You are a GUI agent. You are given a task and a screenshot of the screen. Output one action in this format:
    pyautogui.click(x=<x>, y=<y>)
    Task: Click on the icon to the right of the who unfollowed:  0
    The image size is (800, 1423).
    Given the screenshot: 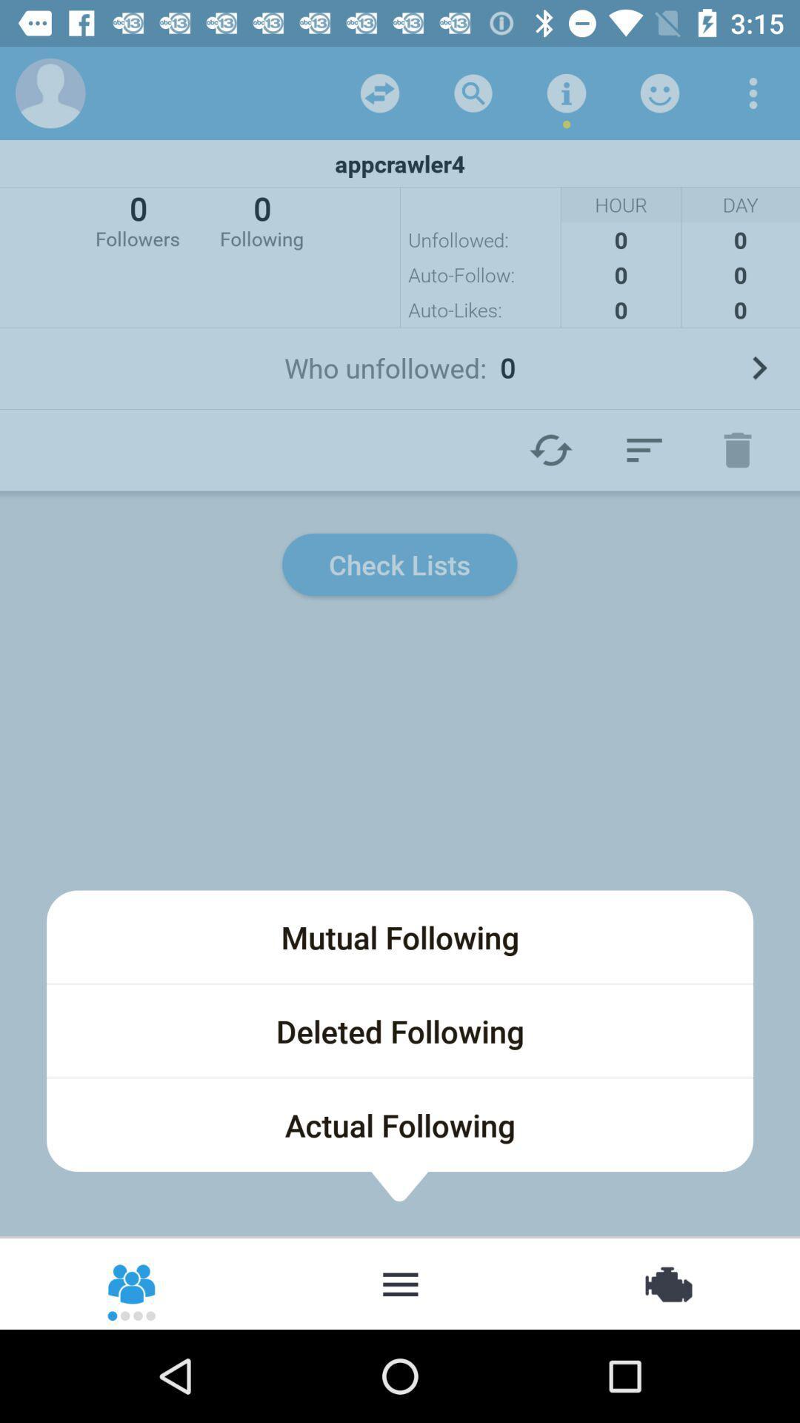 What is the action you would take?
    pyautogui.click(x=759, y=368)
    